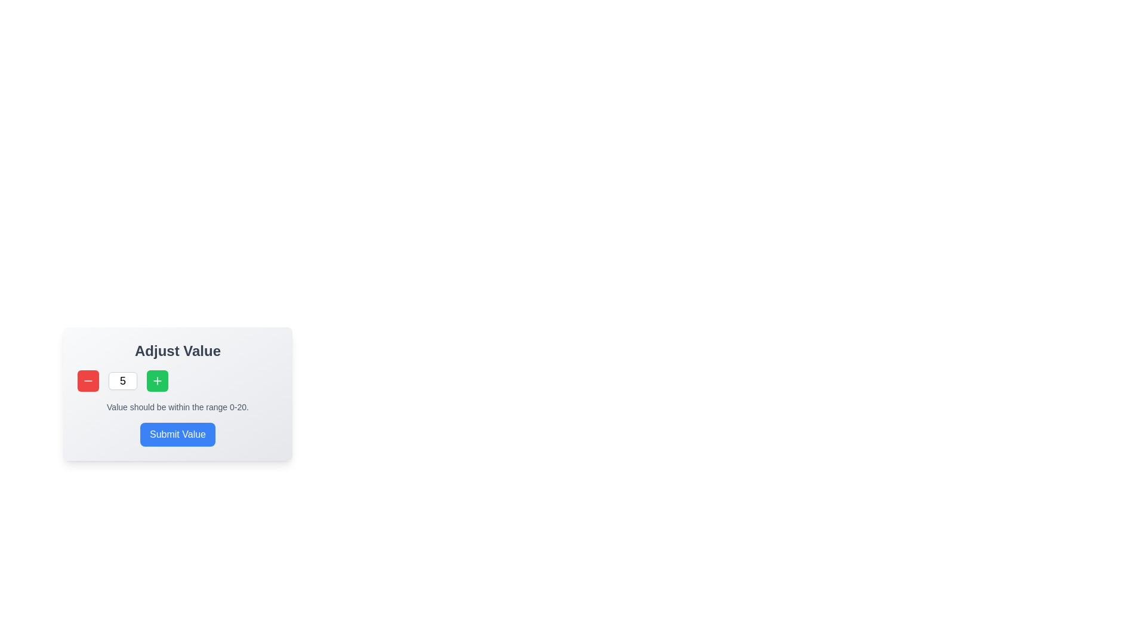 The width and height of the screenshot is (1146, 644). What do you see at coordinates (157, 381) in the screenshot?
I see `the increment button located to the right of a white text box displaying the number '5,' adjacent to a red button with a minus icon, under the label 'Adjust Value.'` at bounding box center [157, 381].